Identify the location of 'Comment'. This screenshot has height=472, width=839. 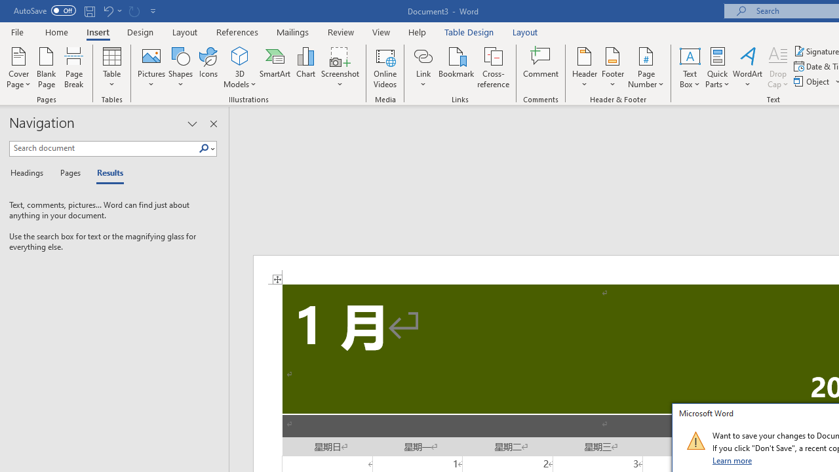
(541, 68).